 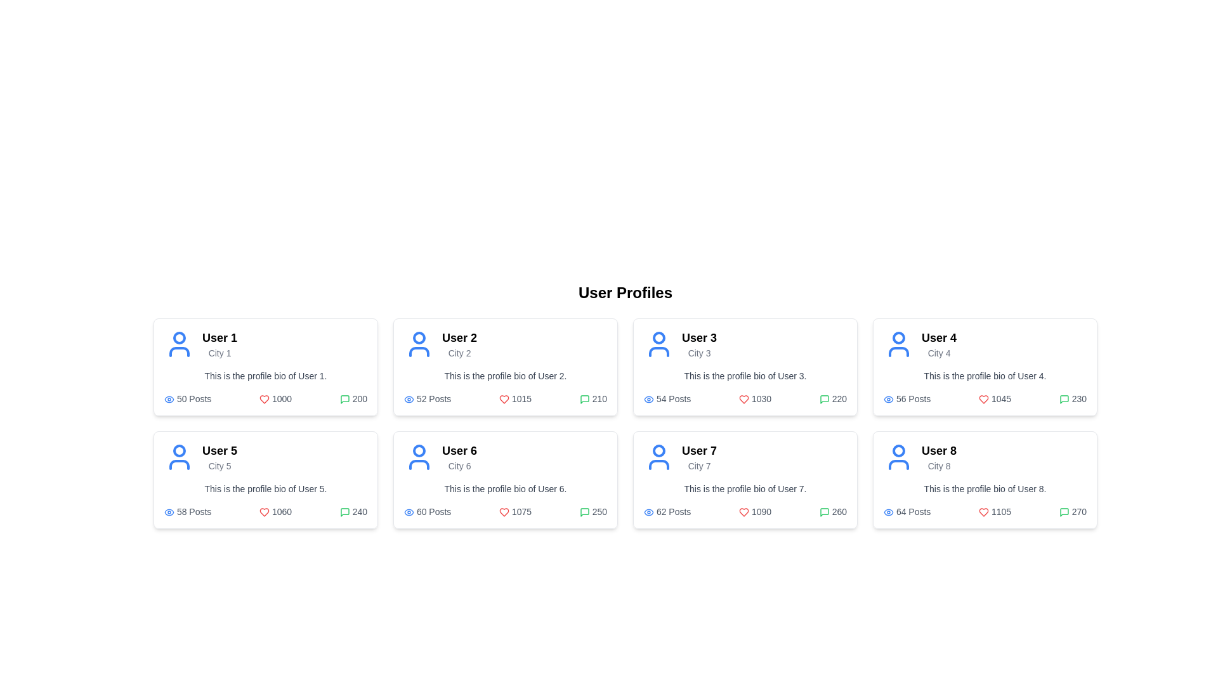 What do you see at coordinates (658, 450) in the screenshot?
I see `the decorative Circle representing the head portion of the 'User 7' profile icon located at the top-left corner of the profile card in the second row, fourth column of the grid layout` at bounding box center [658, 450].